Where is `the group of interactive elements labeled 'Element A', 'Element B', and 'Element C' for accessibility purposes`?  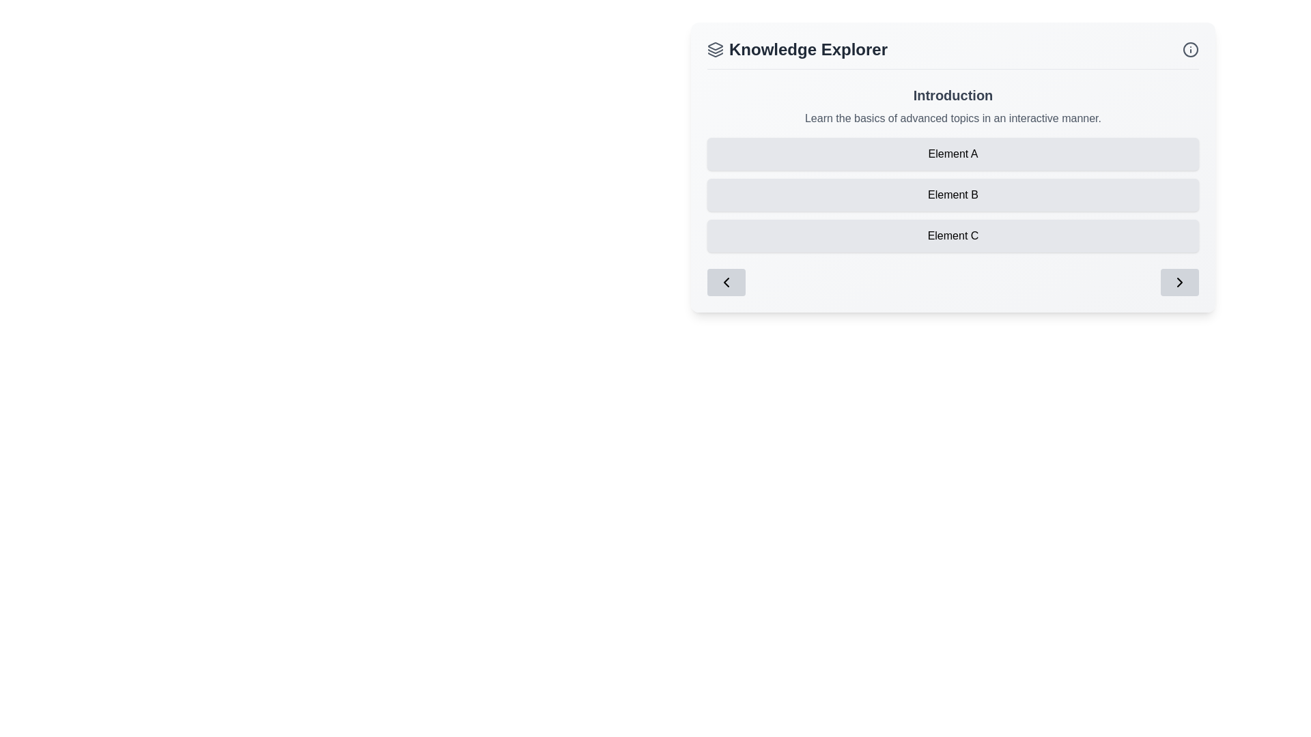 the group of interactive elements labeled 'Element A', 'Element B', and 'Element C' for accessibility purposes is located at coordinates (953, 194).